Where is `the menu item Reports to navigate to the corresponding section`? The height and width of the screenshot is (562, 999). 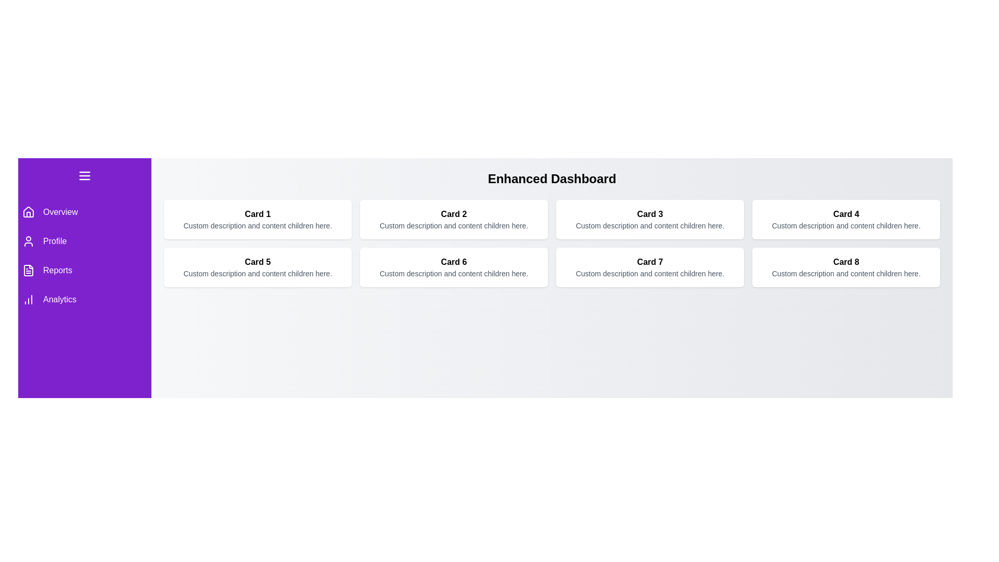 the menu item Reports to navigate to the corresponding section is located at coordinates (85, 270).